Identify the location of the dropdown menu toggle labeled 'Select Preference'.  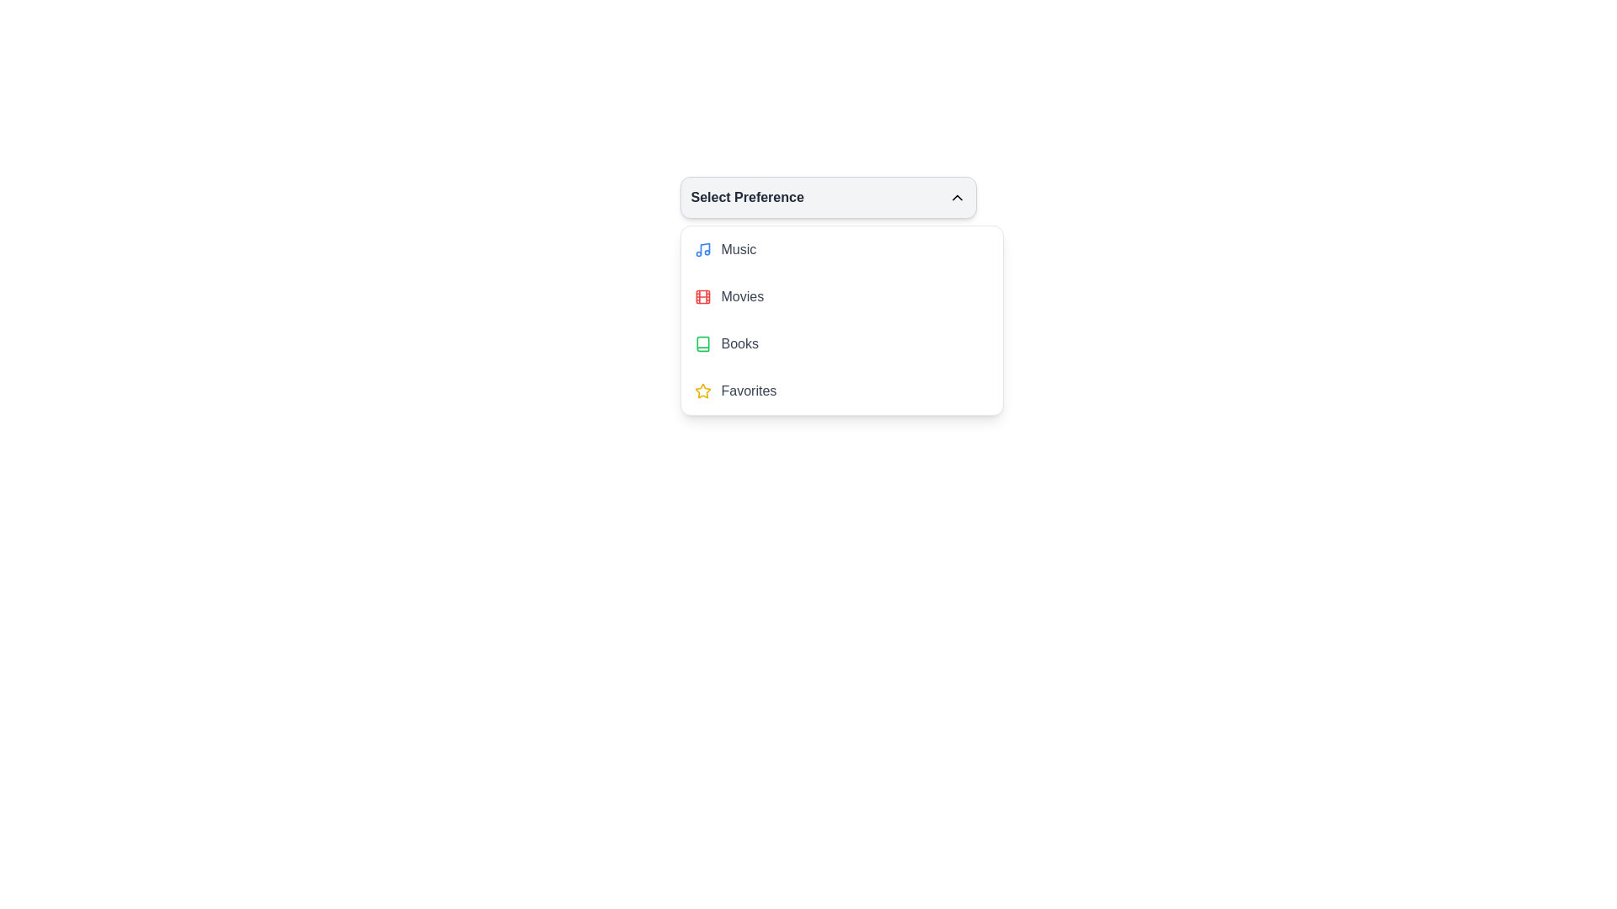
(828, 197).